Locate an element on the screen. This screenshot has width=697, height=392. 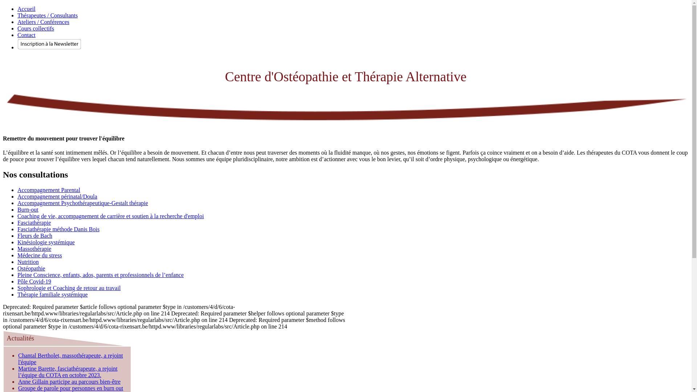
'Accompagnement Parental' is located at coordinates (17, 189).